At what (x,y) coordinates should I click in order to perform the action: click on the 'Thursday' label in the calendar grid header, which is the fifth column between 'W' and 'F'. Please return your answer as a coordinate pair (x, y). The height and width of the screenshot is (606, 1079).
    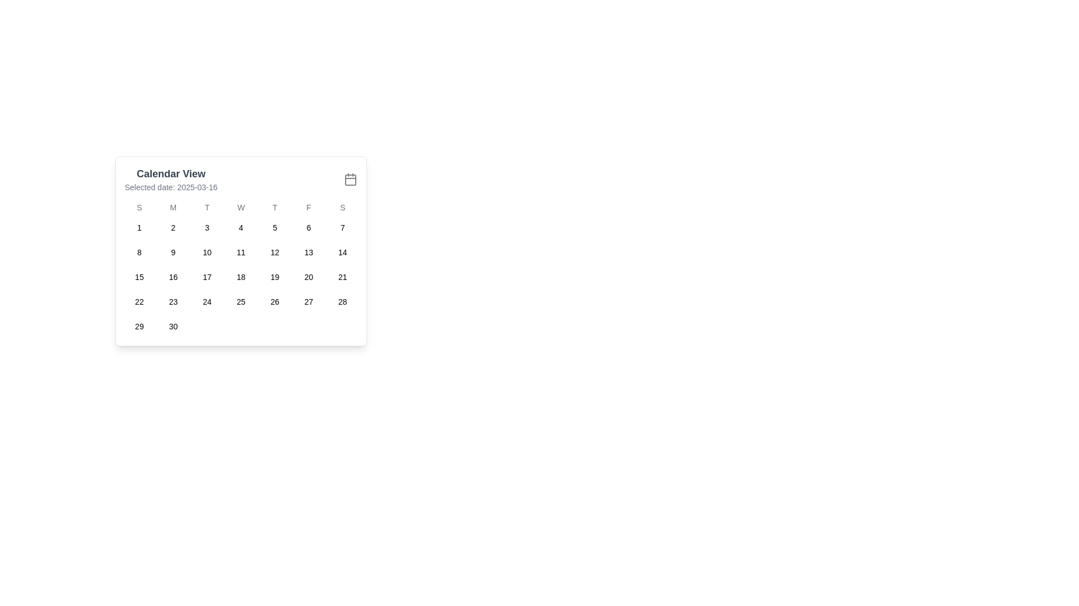
    Looking at the image, I should click on (275, 208).